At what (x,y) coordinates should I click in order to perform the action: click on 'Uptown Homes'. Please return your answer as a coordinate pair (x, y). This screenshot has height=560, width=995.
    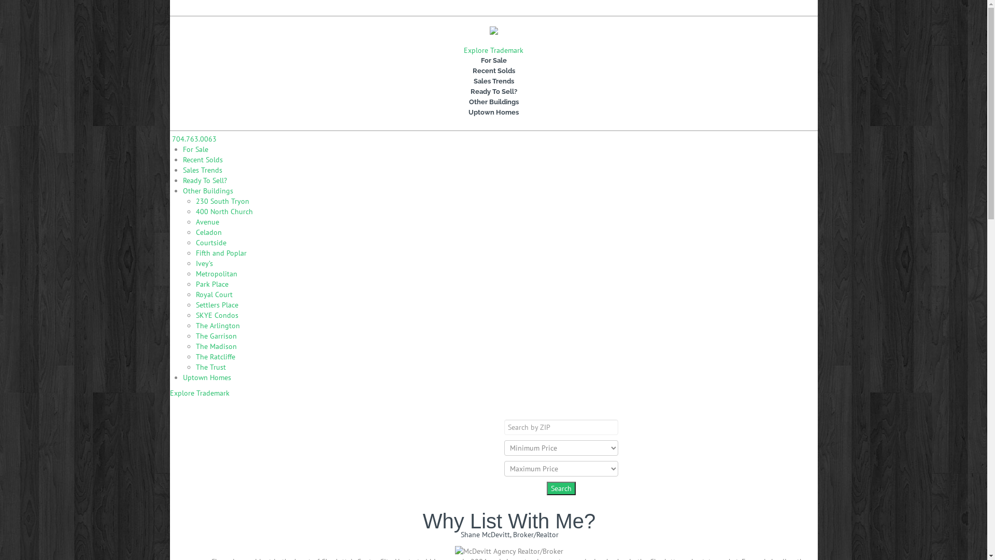
    Looking at the image, I should click on (191, 112).